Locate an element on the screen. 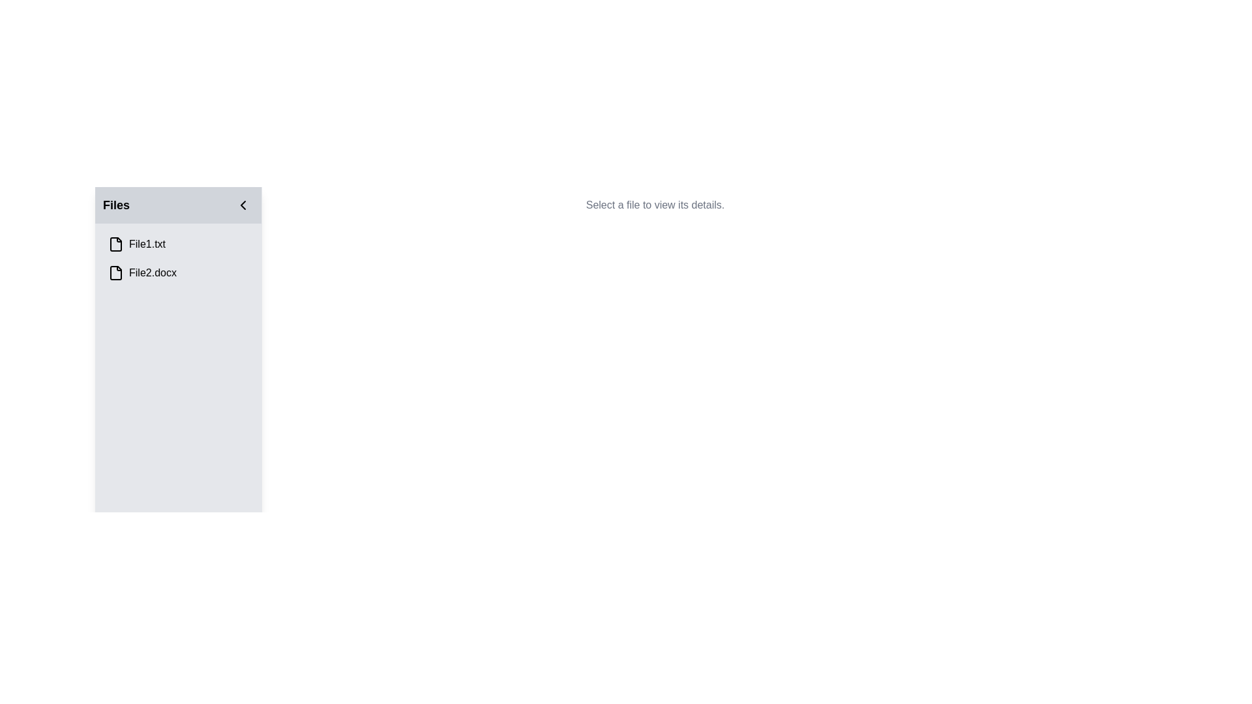  the left-facing chevron icon button with a black stroke color located on the right side of the 'Files' header bar in the sidebar is located at coordinates (243, 205).